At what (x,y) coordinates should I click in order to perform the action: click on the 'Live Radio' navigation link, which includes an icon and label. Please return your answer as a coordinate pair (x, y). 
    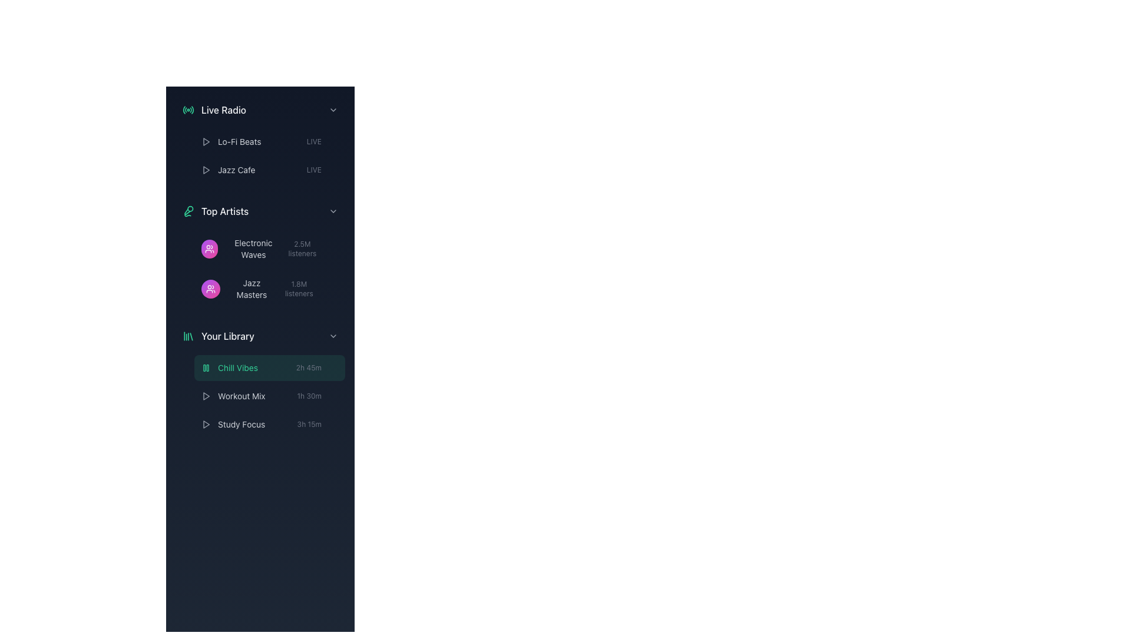
    Looking at the image, I should click on (214, 110).